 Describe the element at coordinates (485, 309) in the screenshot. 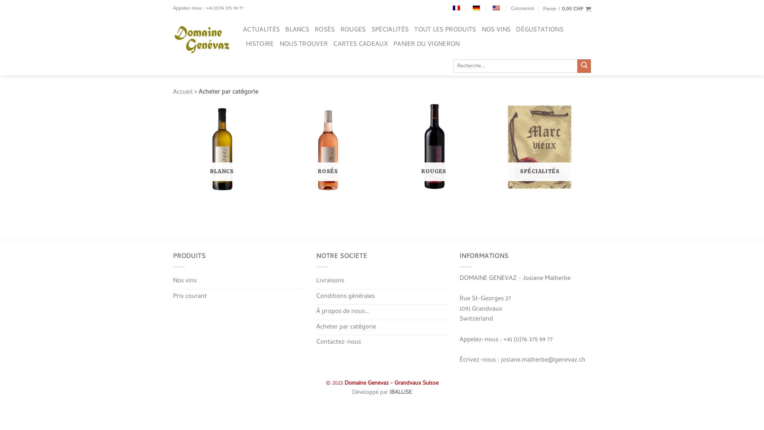

I see `'Rue St-Georges 27` at that location.